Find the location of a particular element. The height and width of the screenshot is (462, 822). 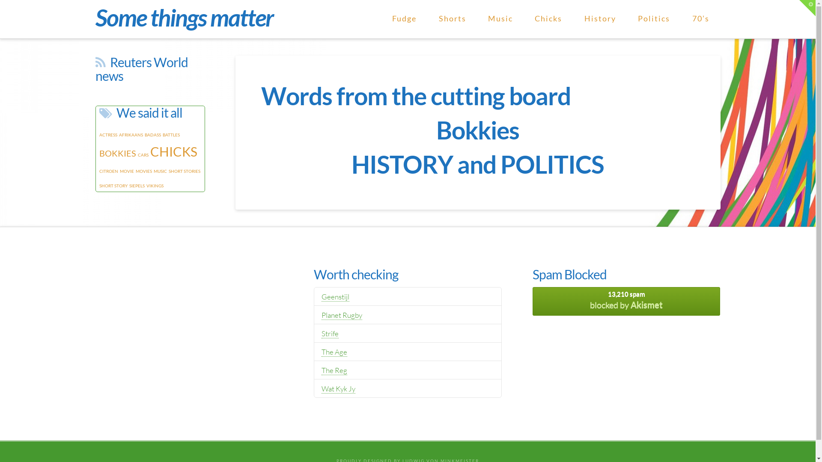

'Some things matter' is located at coordinates (183, 18).